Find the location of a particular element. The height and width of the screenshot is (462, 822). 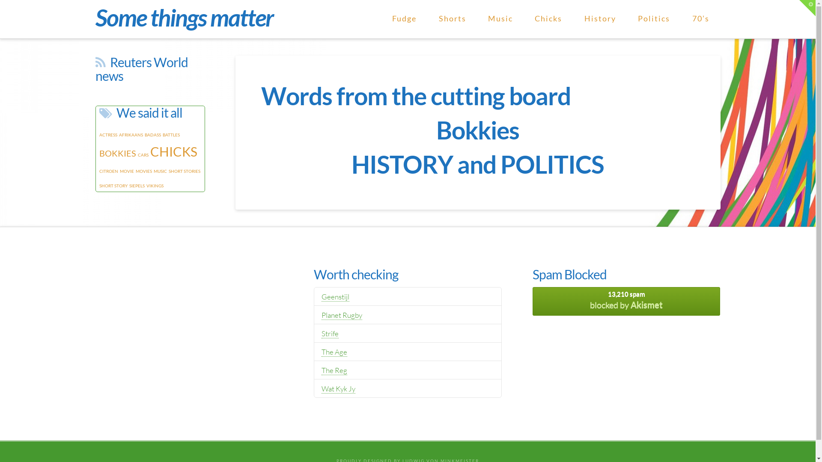

'Some things matter' is located at coordinates (183, 18).